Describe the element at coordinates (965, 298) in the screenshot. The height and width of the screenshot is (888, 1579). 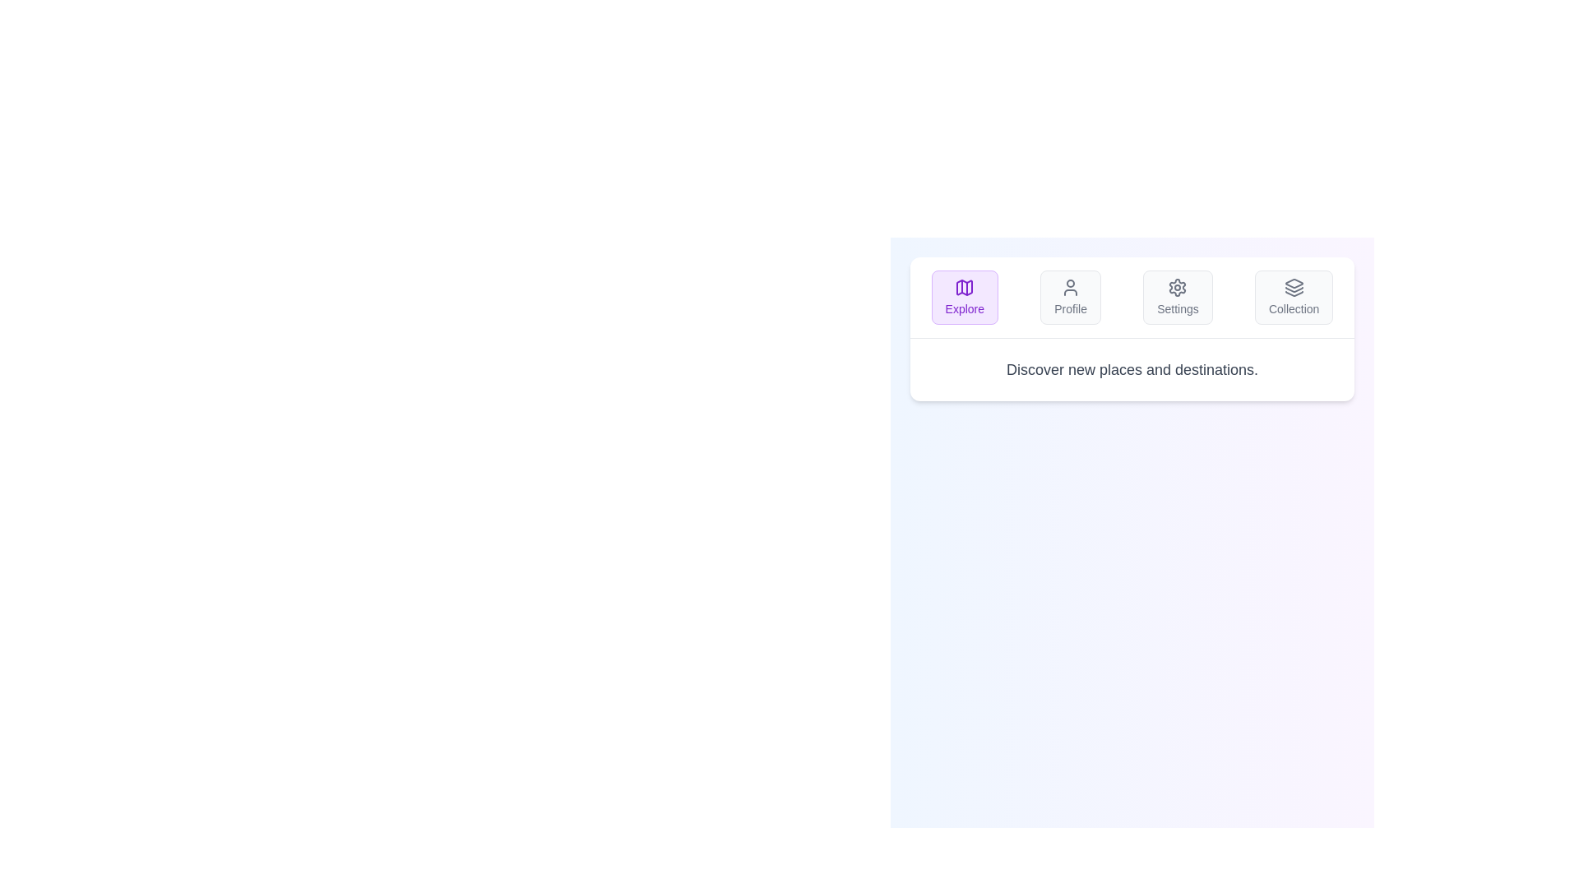
I see `the 'Explore' button located at the top-left corner of the horizontal list of navigation buttons` at that location.